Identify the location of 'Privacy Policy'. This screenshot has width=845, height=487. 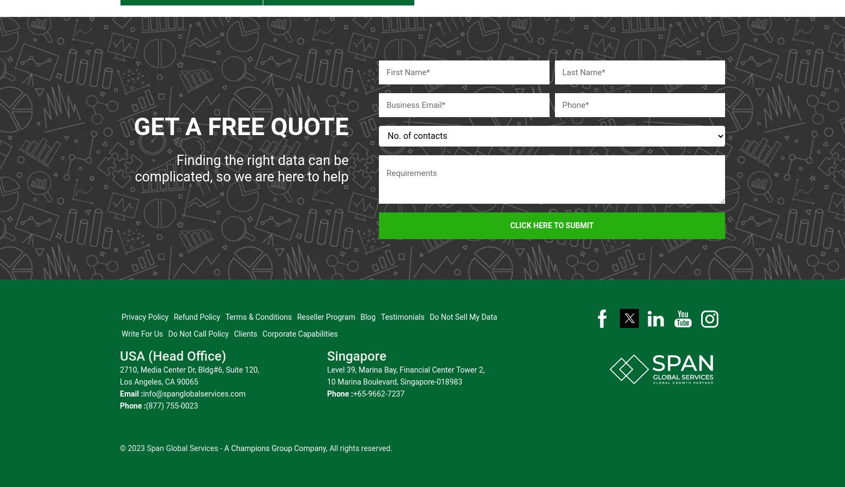
(144, 311).